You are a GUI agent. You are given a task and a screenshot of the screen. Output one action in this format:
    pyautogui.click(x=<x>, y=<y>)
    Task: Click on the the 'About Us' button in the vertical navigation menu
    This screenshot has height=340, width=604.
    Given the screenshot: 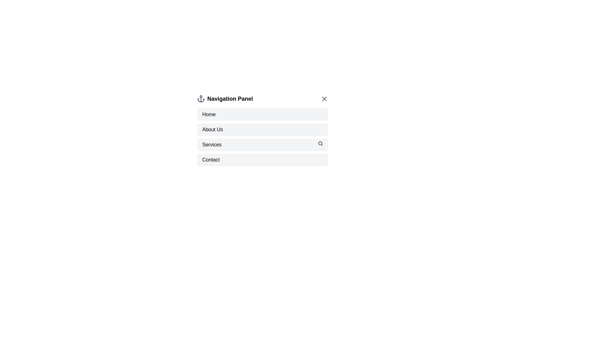 What is the action you would take?
    pyautogui.click(x=263, y=129)
    